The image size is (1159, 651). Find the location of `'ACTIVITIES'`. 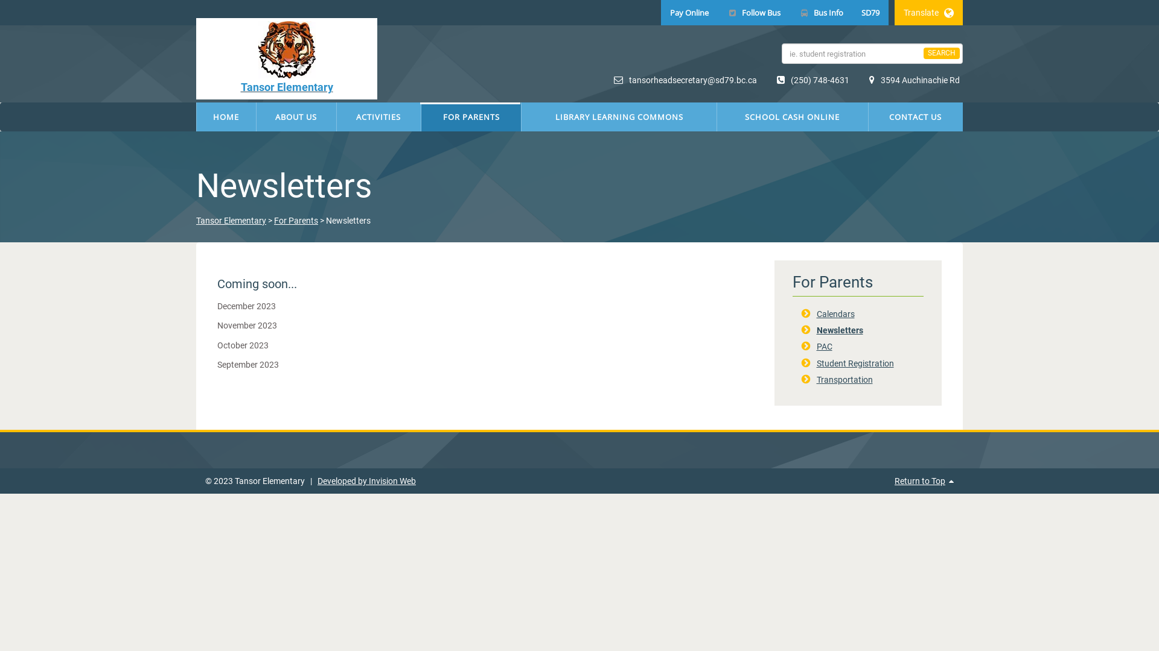

'ACTIVITIES' is located at coordinates (378, 116).